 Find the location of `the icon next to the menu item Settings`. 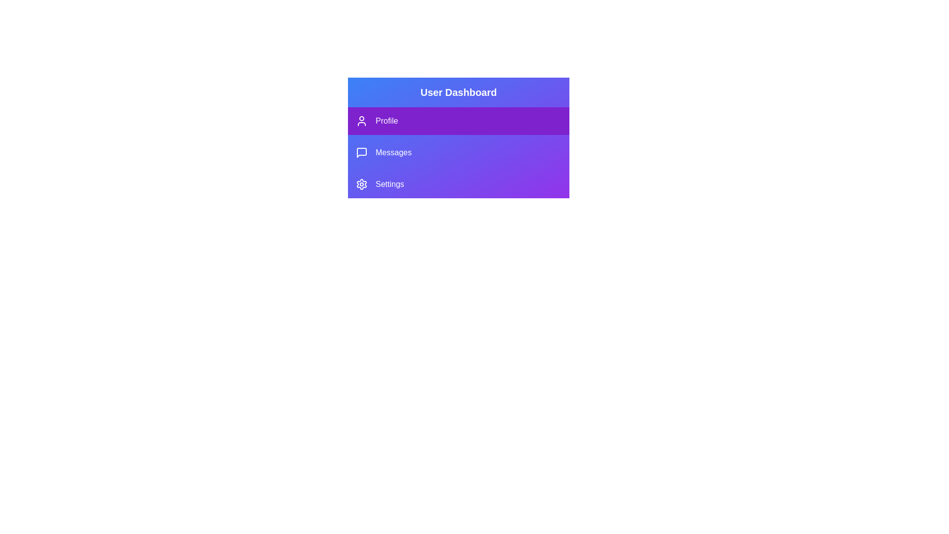

the icon next to the menu item Settings is located at coordinates (361, 184).